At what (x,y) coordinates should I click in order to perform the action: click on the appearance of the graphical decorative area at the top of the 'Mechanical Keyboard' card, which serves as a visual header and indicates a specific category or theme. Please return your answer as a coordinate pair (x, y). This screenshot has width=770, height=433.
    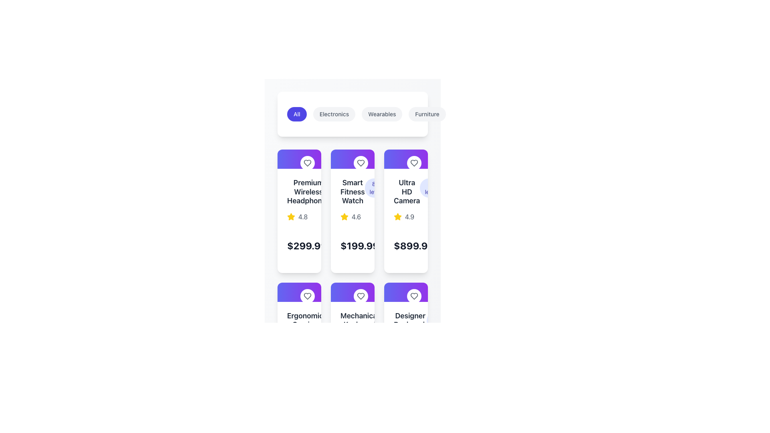
    Looking at the image, I should click on (353, 292).